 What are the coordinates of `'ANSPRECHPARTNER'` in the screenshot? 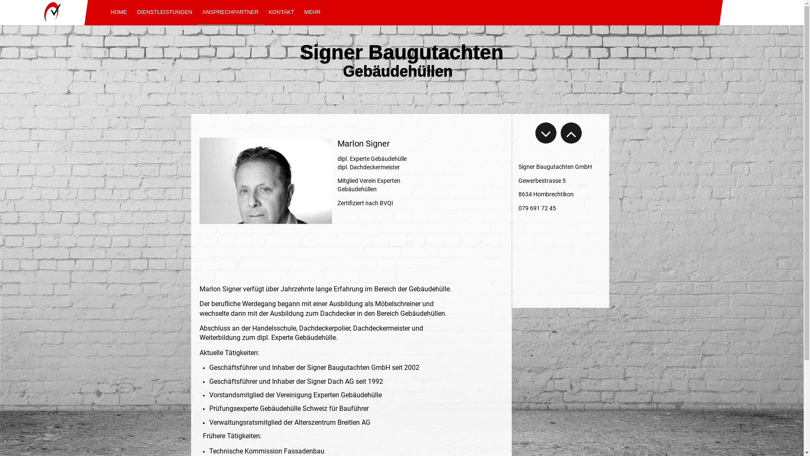 It's located at (197, 12).